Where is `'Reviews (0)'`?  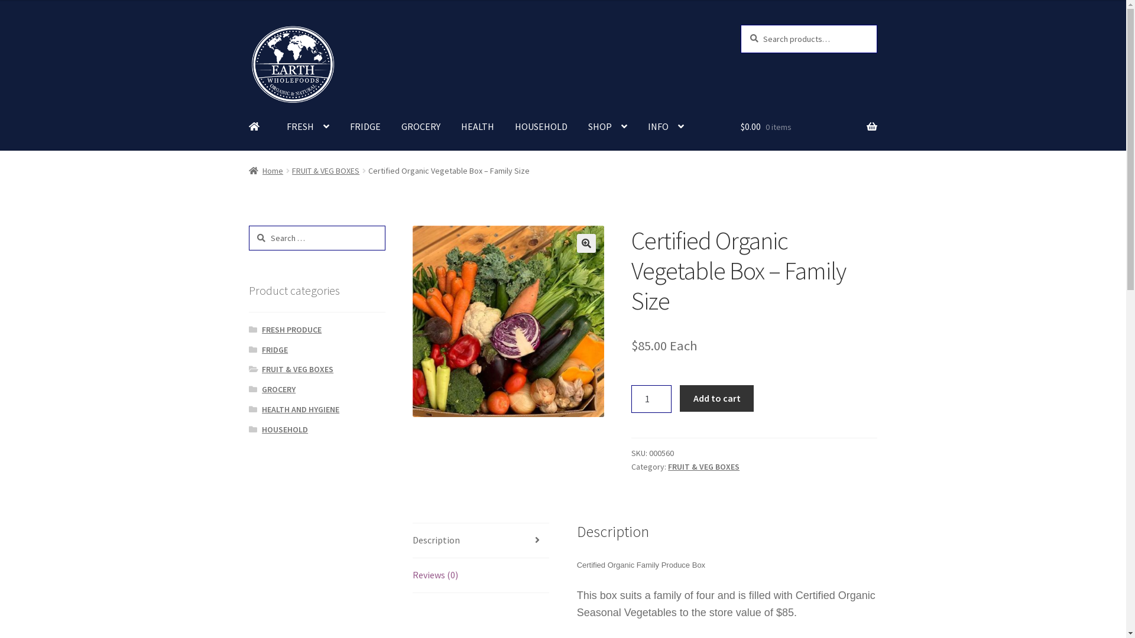
'Reviews (0)' is located at coordinates (412, 575).